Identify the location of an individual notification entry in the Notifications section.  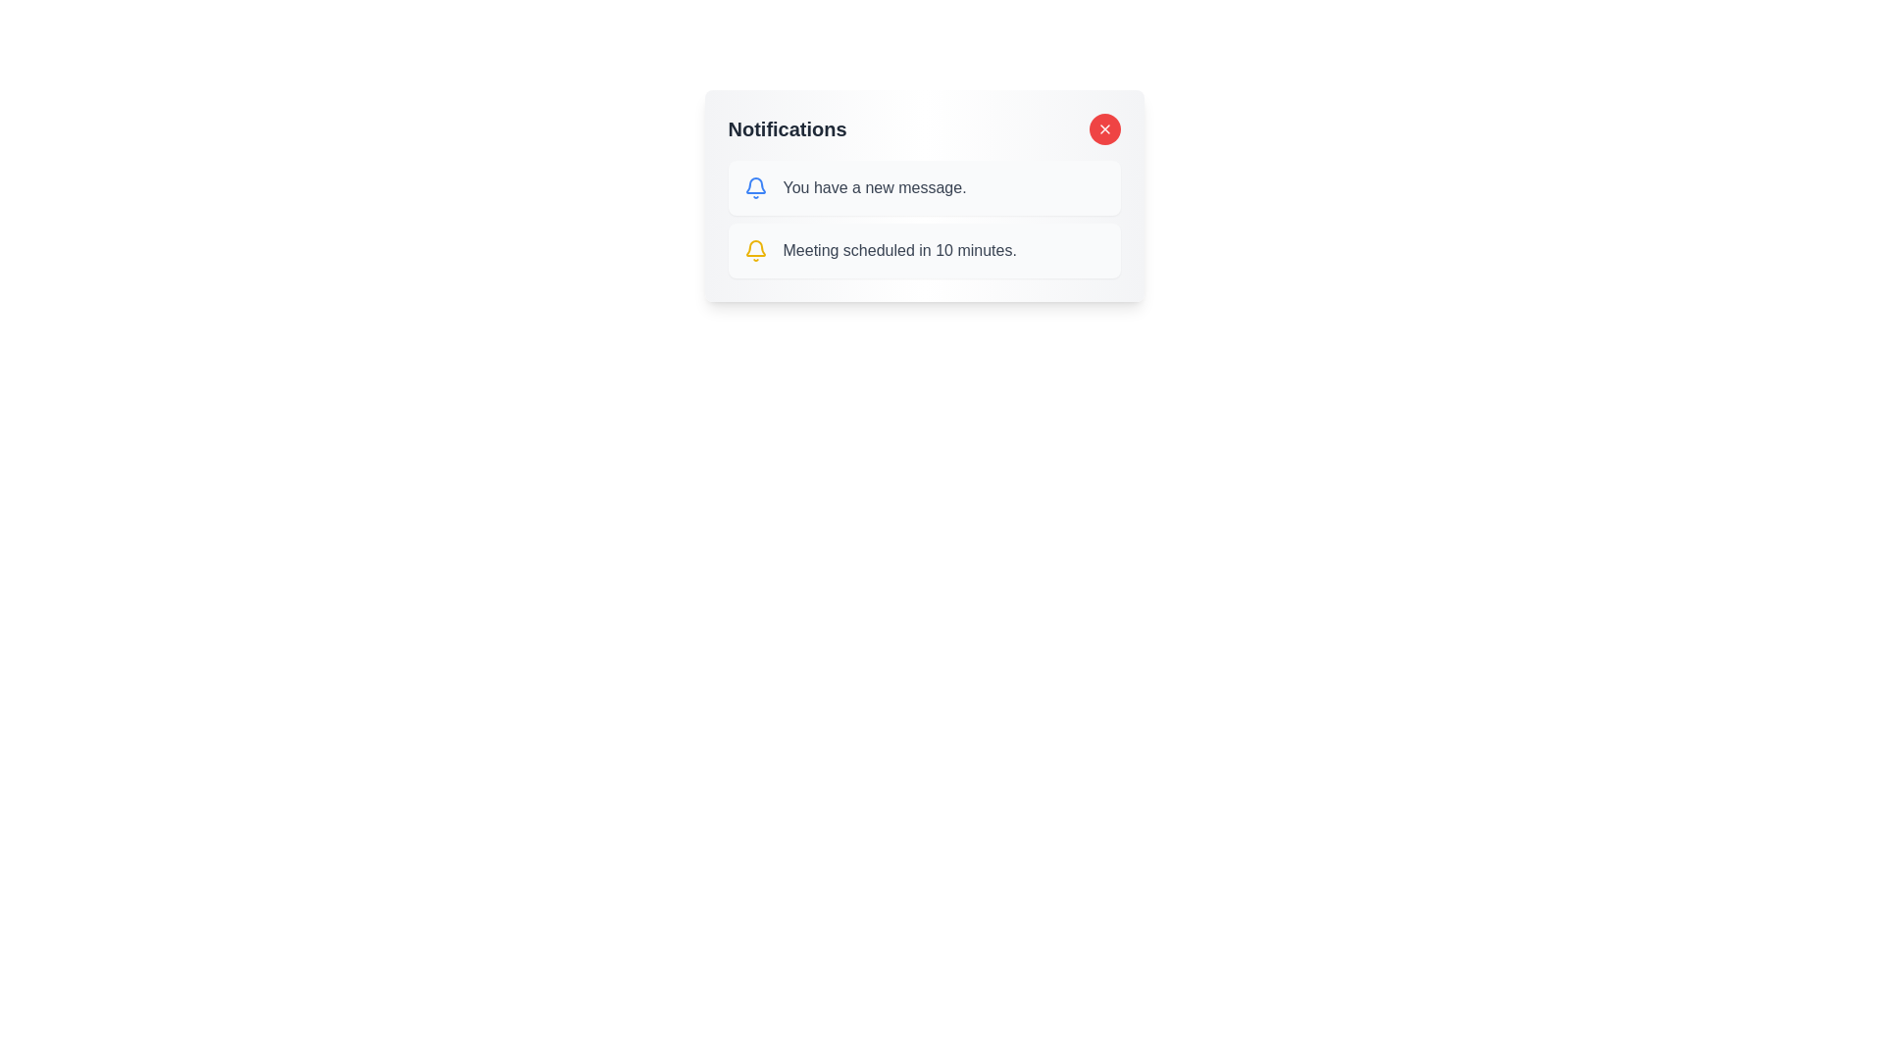
(923, 219).